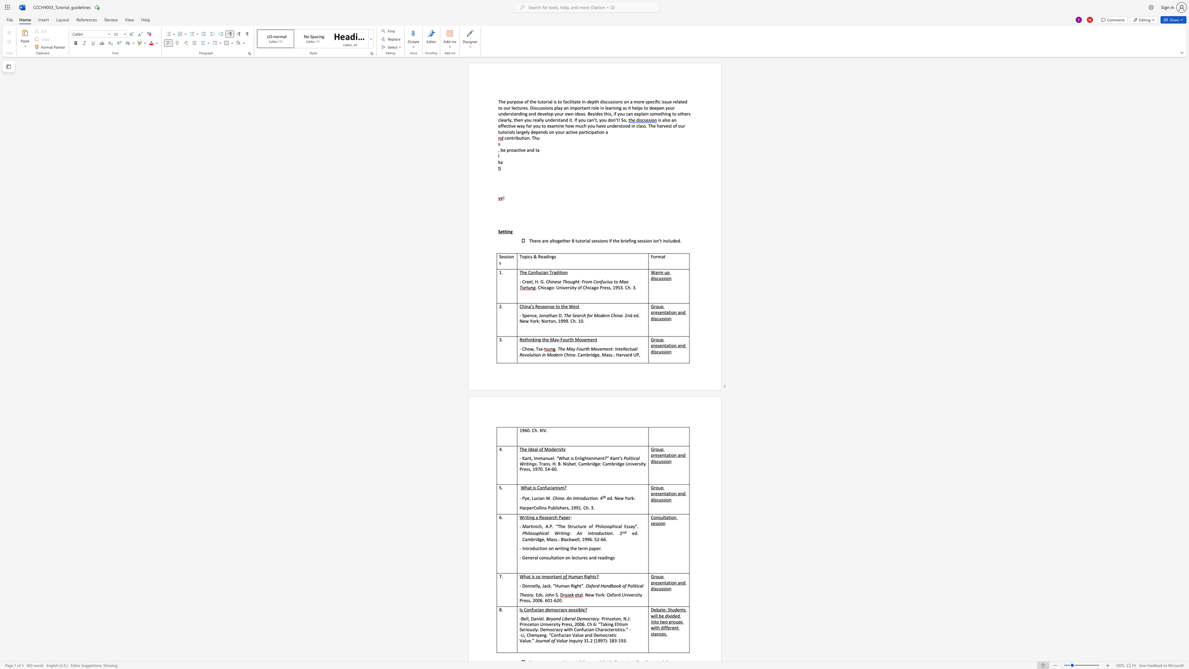  Describe the element at coordinates (624, 498) in the screenshot. I see `the subset text "Yor" within the text "ed. New York:"` at that location.